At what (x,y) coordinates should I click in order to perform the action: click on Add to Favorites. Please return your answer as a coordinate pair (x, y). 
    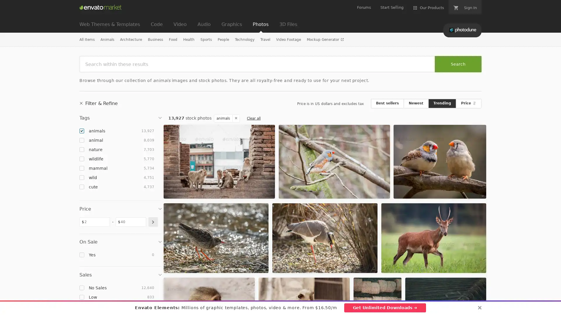
    Looking at the image, I should click on (478, 132).